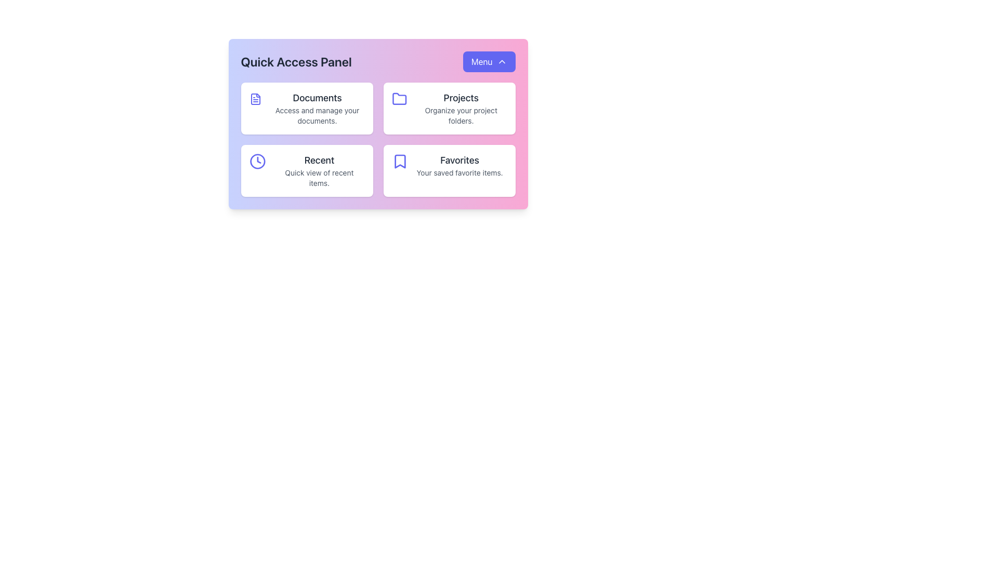 The image size is (998, 561). Describe the element at coordinates (306, 108) in the screenshot. I see `the informational card button labeled 'Documents' in the top-left corner of the Quick Access Panel` at that location.